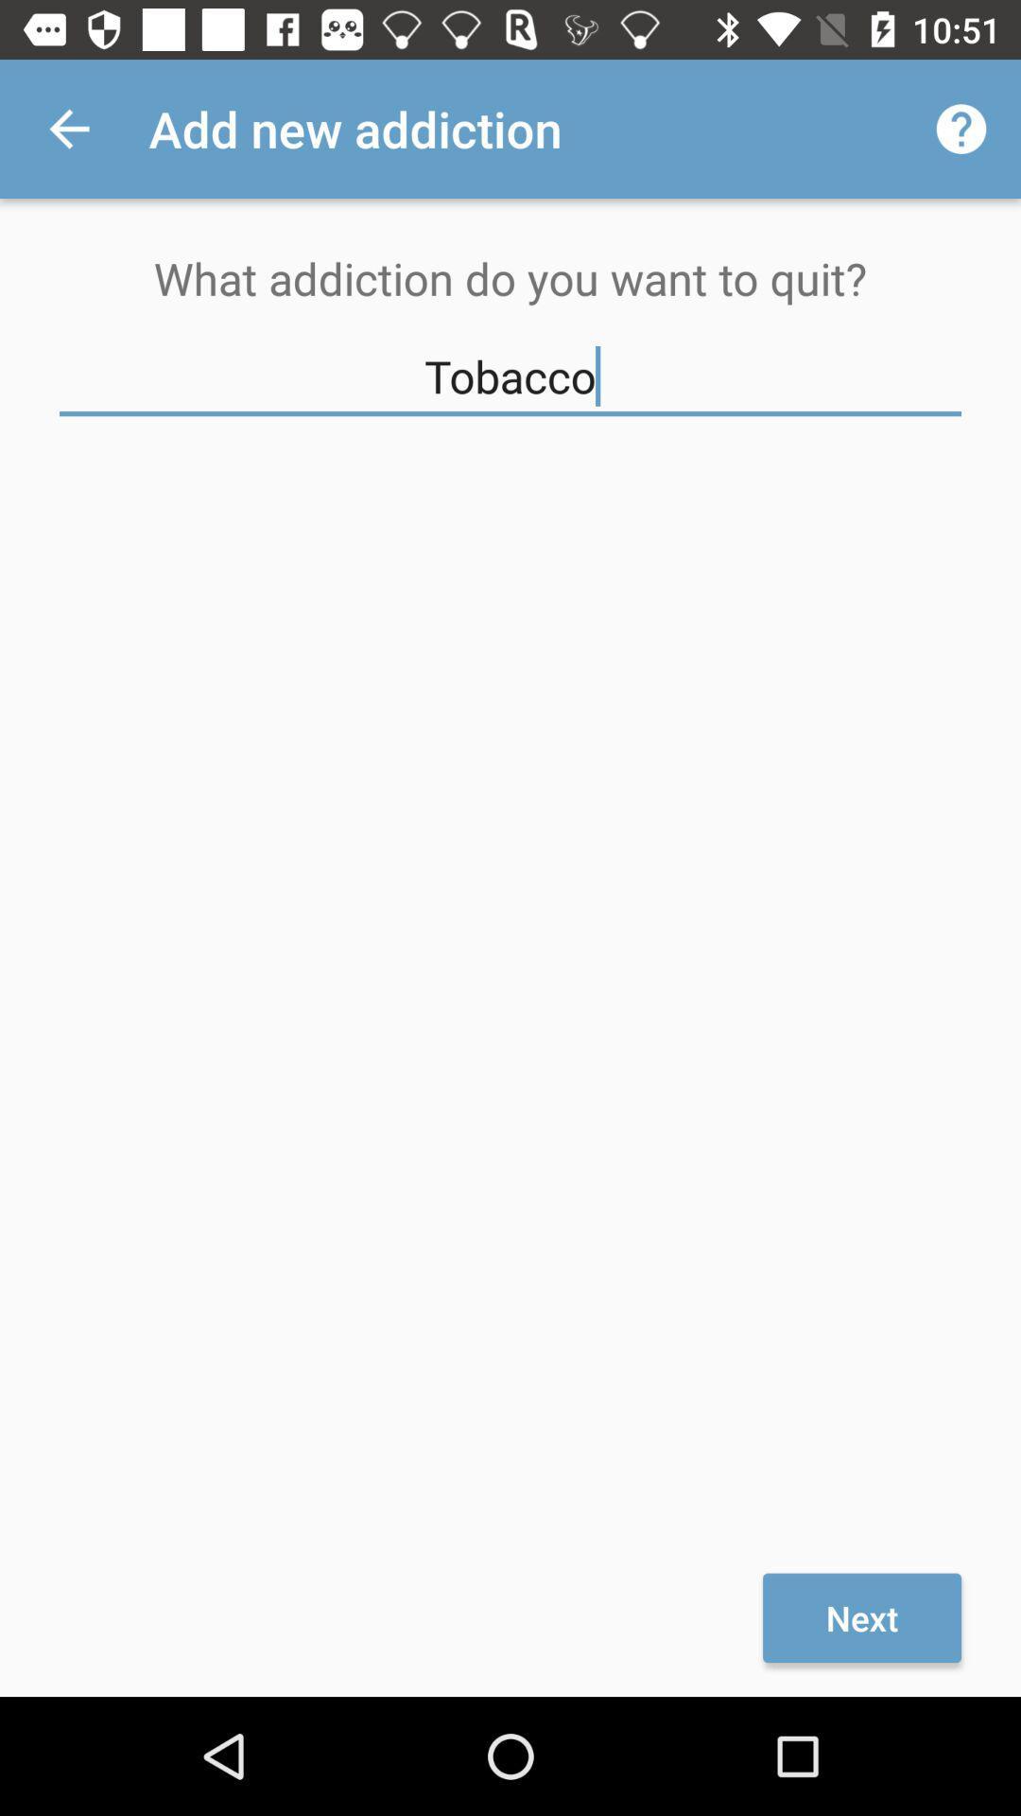 The width and height of the screenshot is (1021, 1816). Describe the element at coordinates (510, 376) in the screenshot. I see `tobacco` at that location.